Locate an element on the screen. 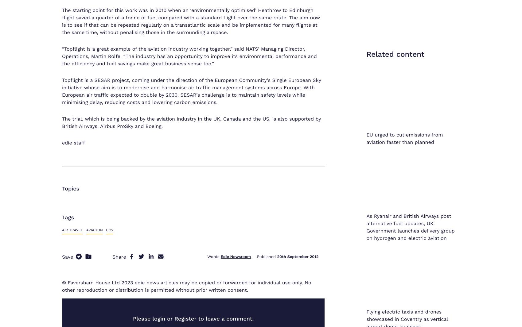 This screenshot has width=522, height=327. 'Contact' is located at coordinates (342, 223).